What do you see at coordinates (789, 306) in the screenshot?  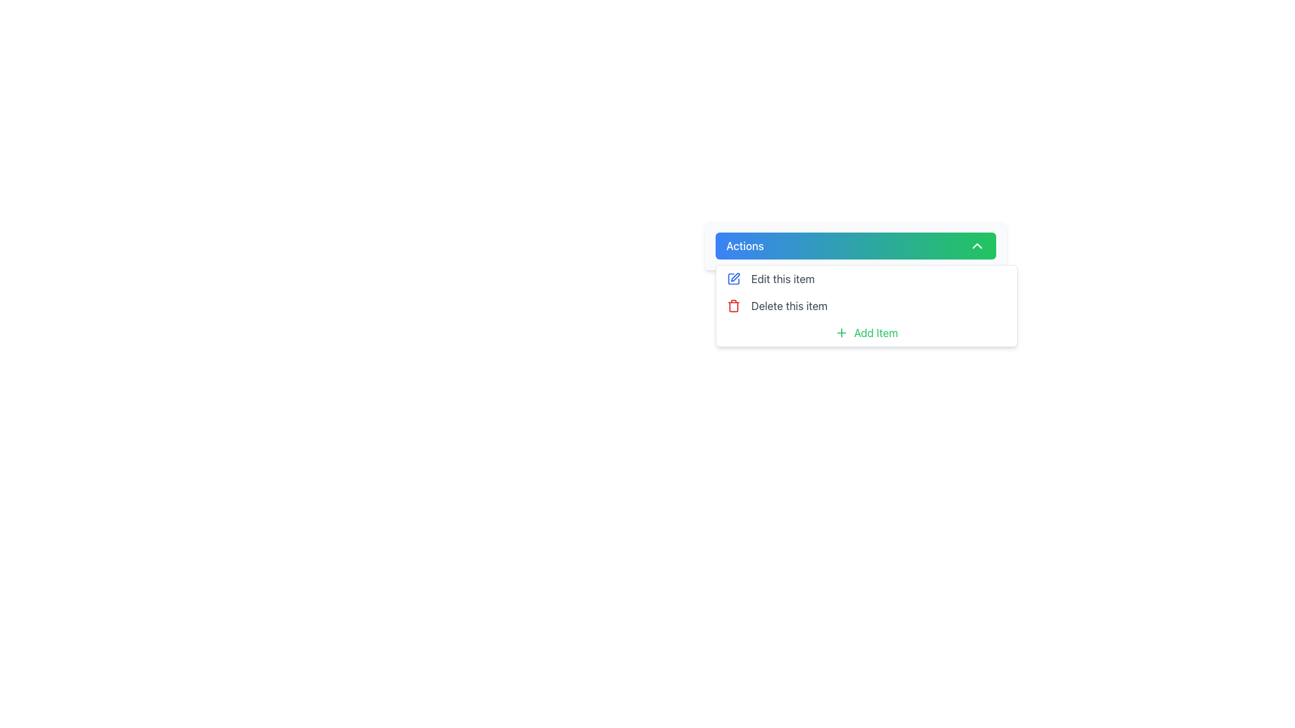 I see `the 'Delete this item' text label in the dropdown menu to initiate the delete action` at bounding box center [789, 306].